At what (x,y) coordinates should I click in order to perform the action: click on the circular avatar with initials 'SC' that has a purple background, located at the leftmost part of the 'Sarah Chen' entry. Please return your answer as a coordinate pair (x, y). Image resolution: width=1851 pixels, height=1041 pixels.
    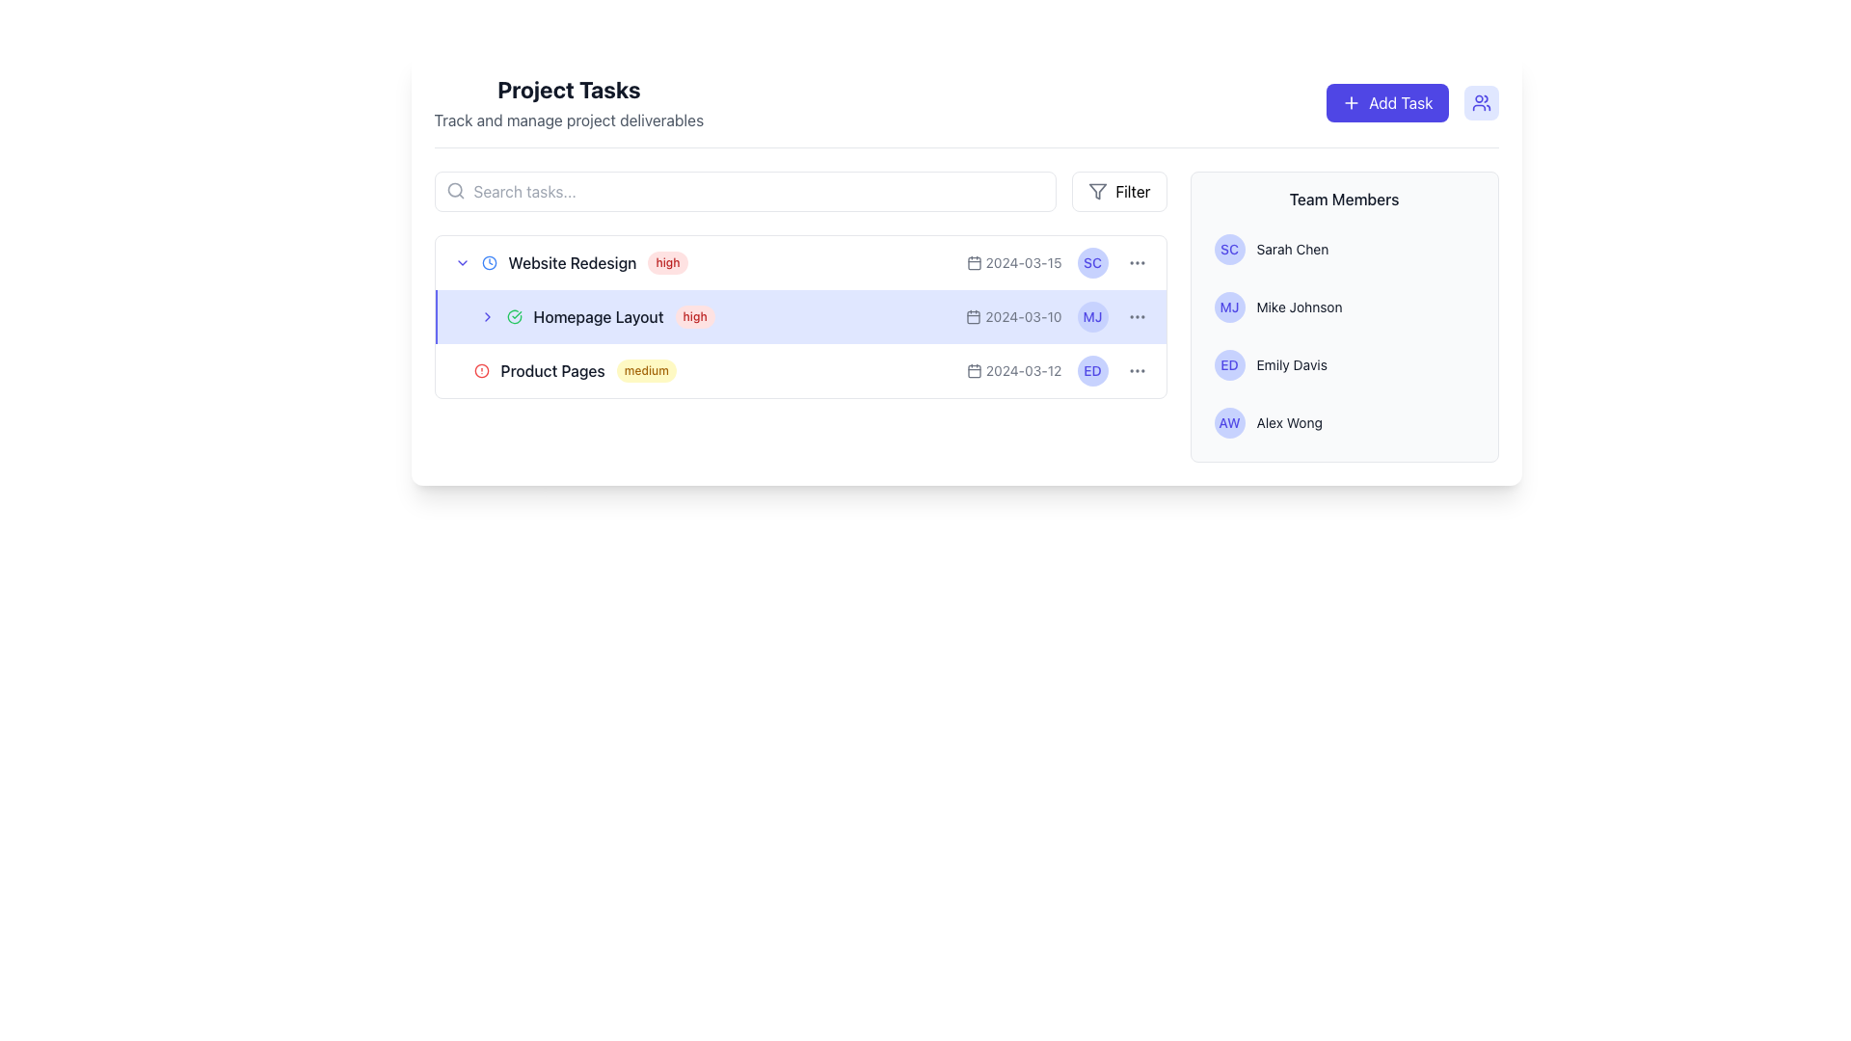
    Looking at the image, I should click on (1228, 248).